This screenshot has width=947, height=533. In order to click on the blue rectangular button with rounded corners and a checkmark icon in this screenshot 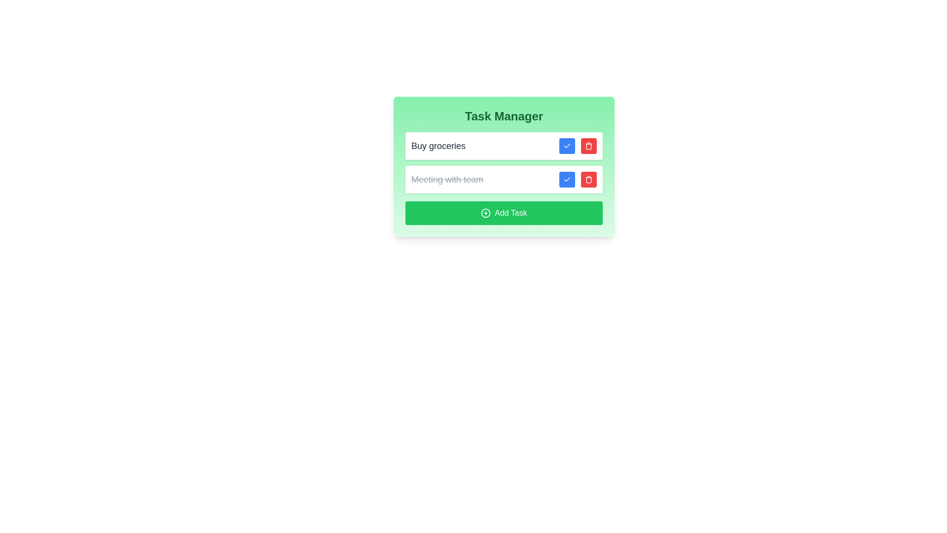, I will do `click(567, 146)`.